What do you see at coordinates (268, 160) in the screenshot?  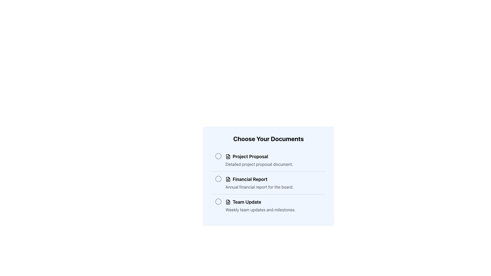 I see `the 'Project Proposal' document option in the list` at bounding box center [268, 160].